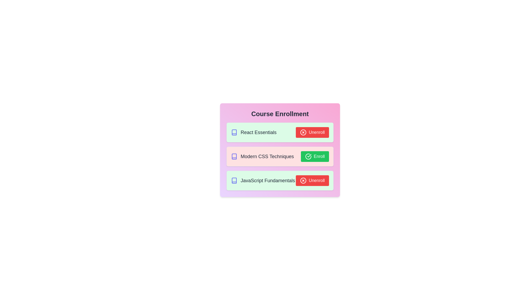  What do you see at coordinates (263, 181) in the screenshot?
I see `the course title JavaScript Fundamentals to select it` at bounding box center [263, 181].